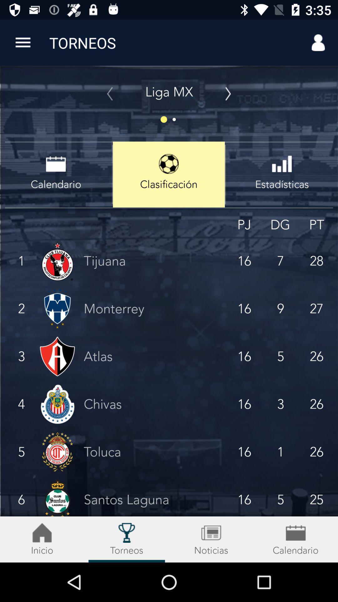 This screenshot has width=338, height=602. Describe the element at coordinates (127, 539) in the screenshot. I see `the location icon` at that location.